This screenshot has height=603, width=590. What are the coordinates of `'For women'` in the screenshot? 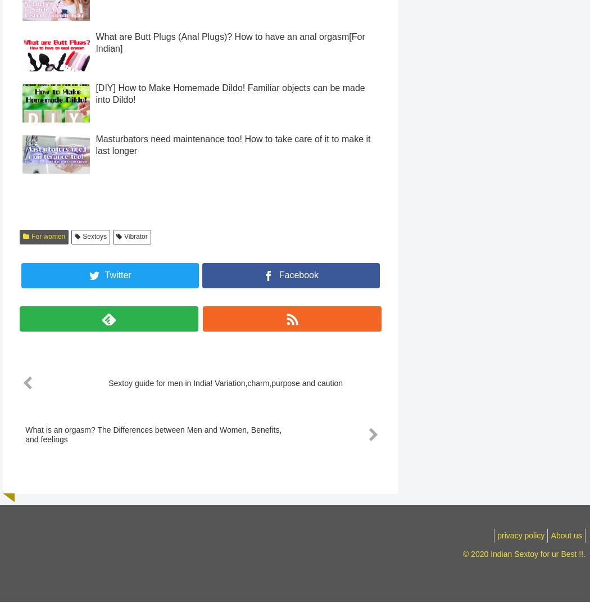 It's located at (48, 256).